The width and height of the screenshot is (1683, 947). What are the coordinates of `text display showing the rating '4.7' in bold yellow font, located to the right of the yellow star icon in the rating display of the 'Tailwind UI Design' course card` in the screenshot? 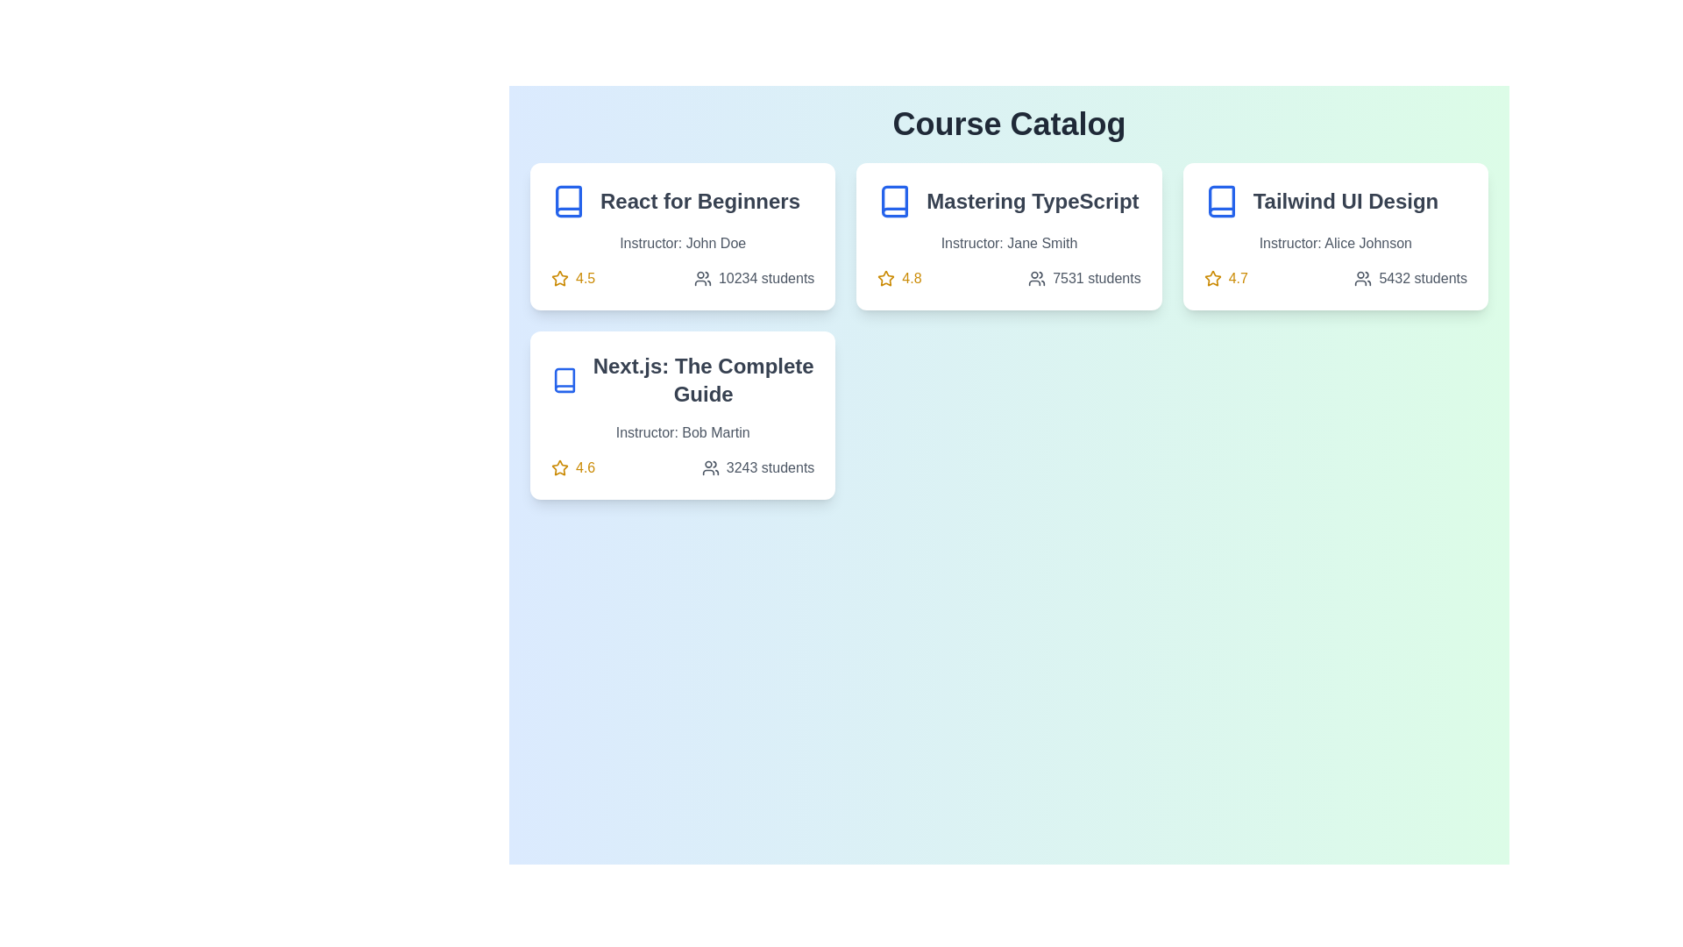 It's located at (1237, 277).